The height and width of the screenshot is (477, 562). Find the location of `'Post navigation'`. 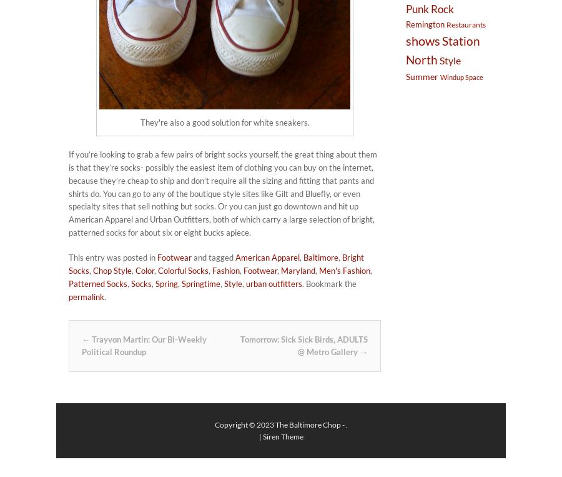

'Post navigation' is located at coordinates (119, 329).